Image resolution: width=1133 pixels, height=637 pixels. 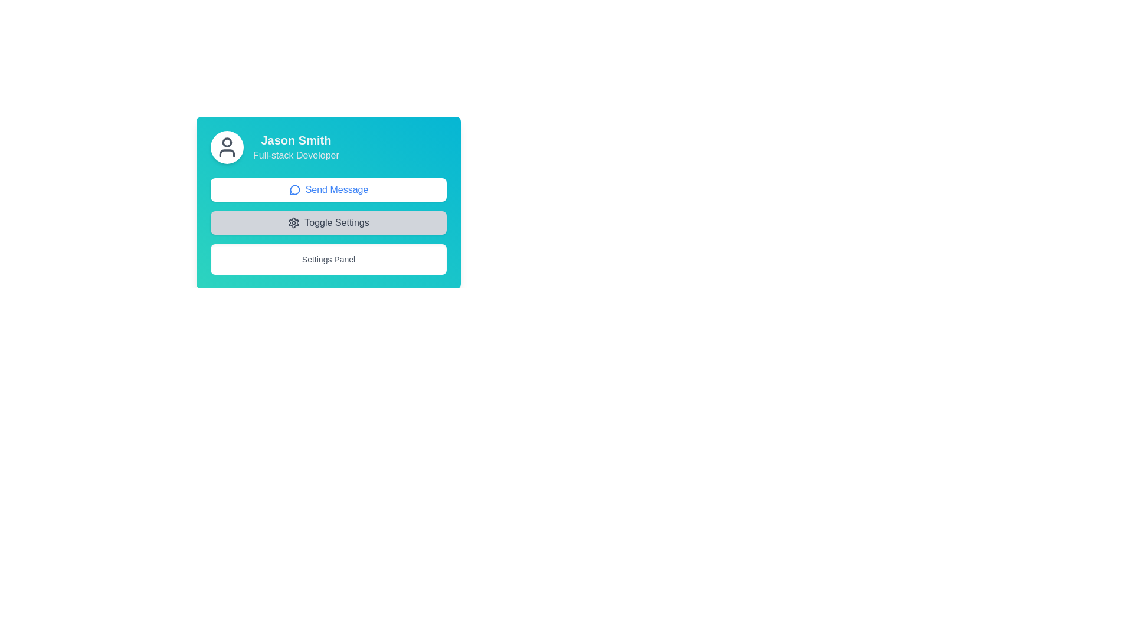 I want to click on the User Avatar Icon located at the top-left corner of the user information card, which is visually represented by a circular background and indicates the user's profile, so click(x=227, y=147).